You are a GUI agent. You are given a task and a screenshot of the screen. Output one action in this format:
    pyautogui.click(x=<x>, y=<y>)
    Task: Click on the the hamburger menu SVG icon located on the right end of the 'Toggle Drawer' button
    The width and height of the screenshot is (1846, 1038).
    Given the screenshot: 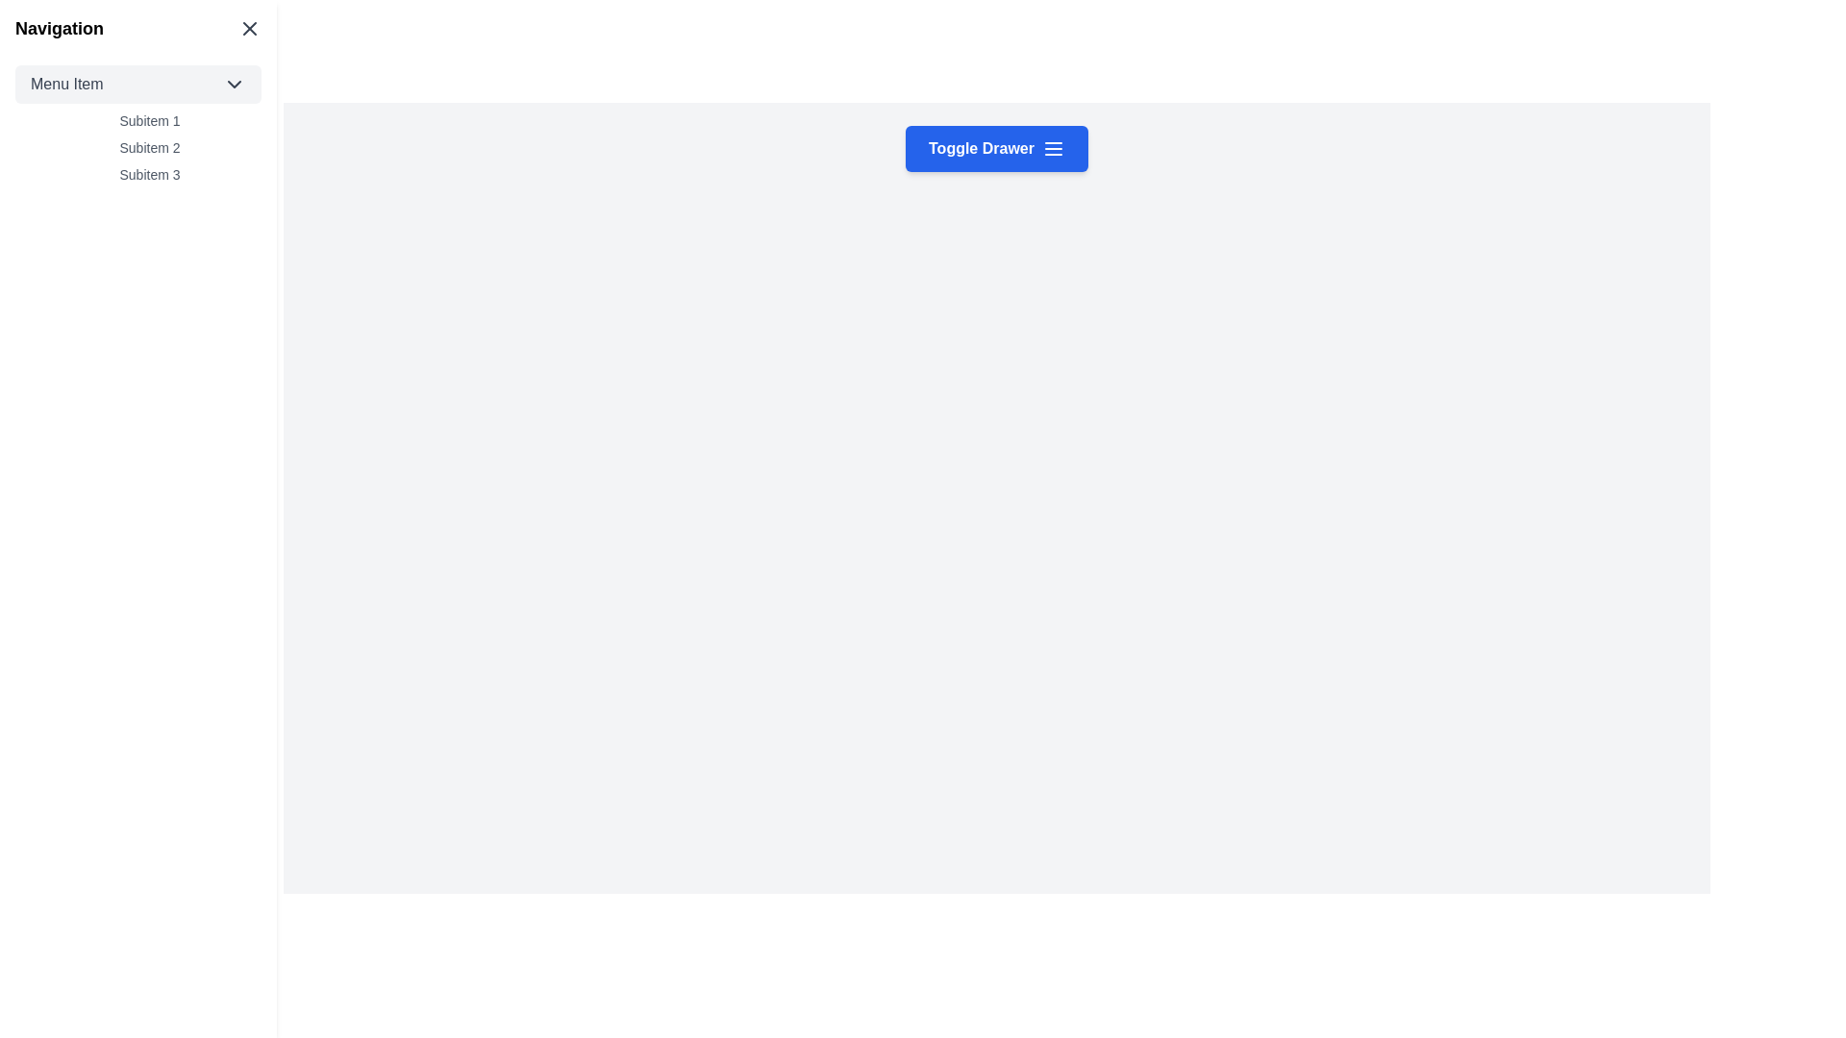 What is the action you would take?
    pyautogui.click(x=1052, y=147)
    